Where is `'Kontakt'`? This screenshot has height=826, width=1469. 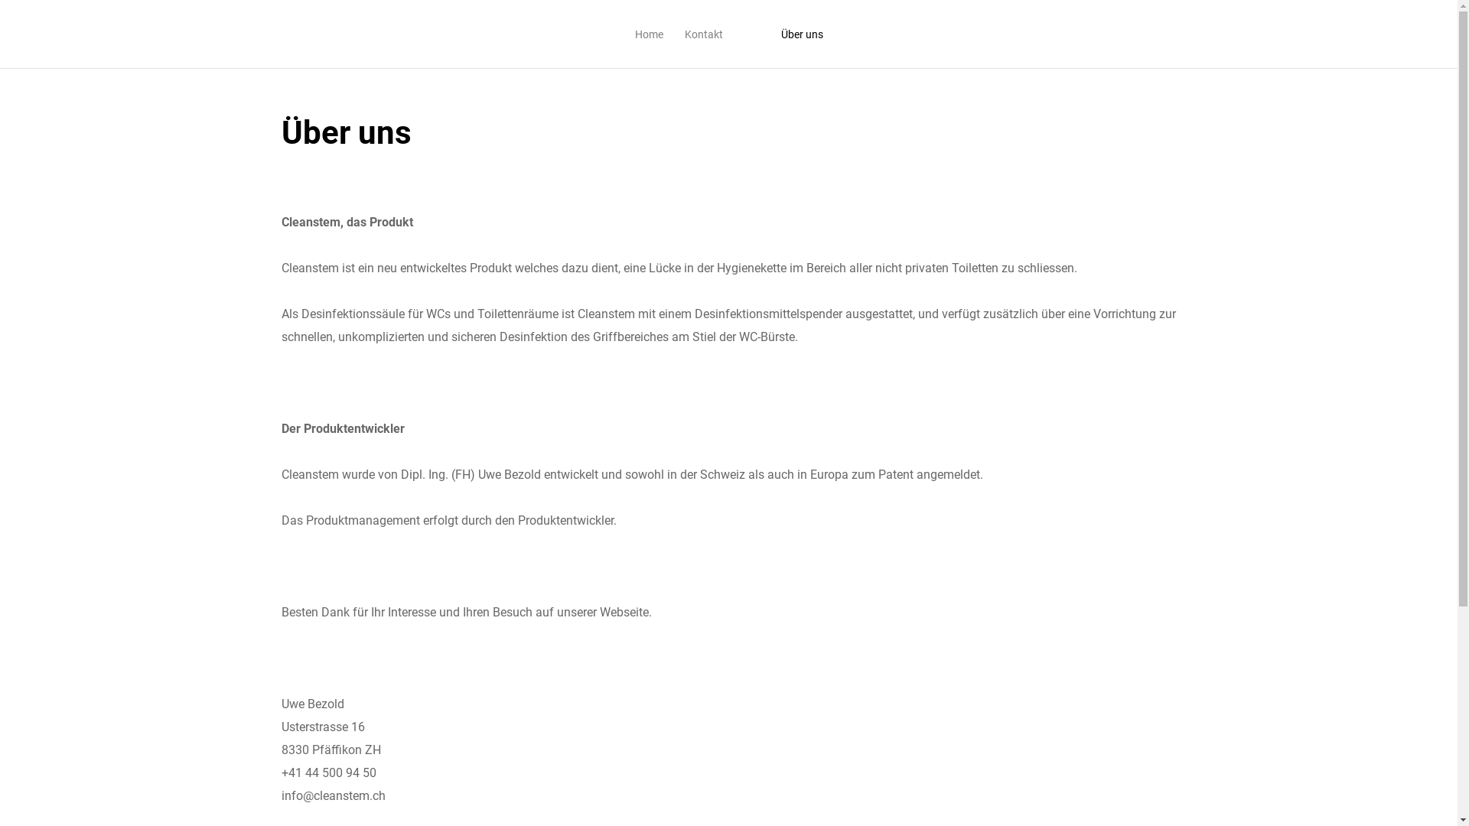 'Kontakt' is located at coordinates (702, 34).